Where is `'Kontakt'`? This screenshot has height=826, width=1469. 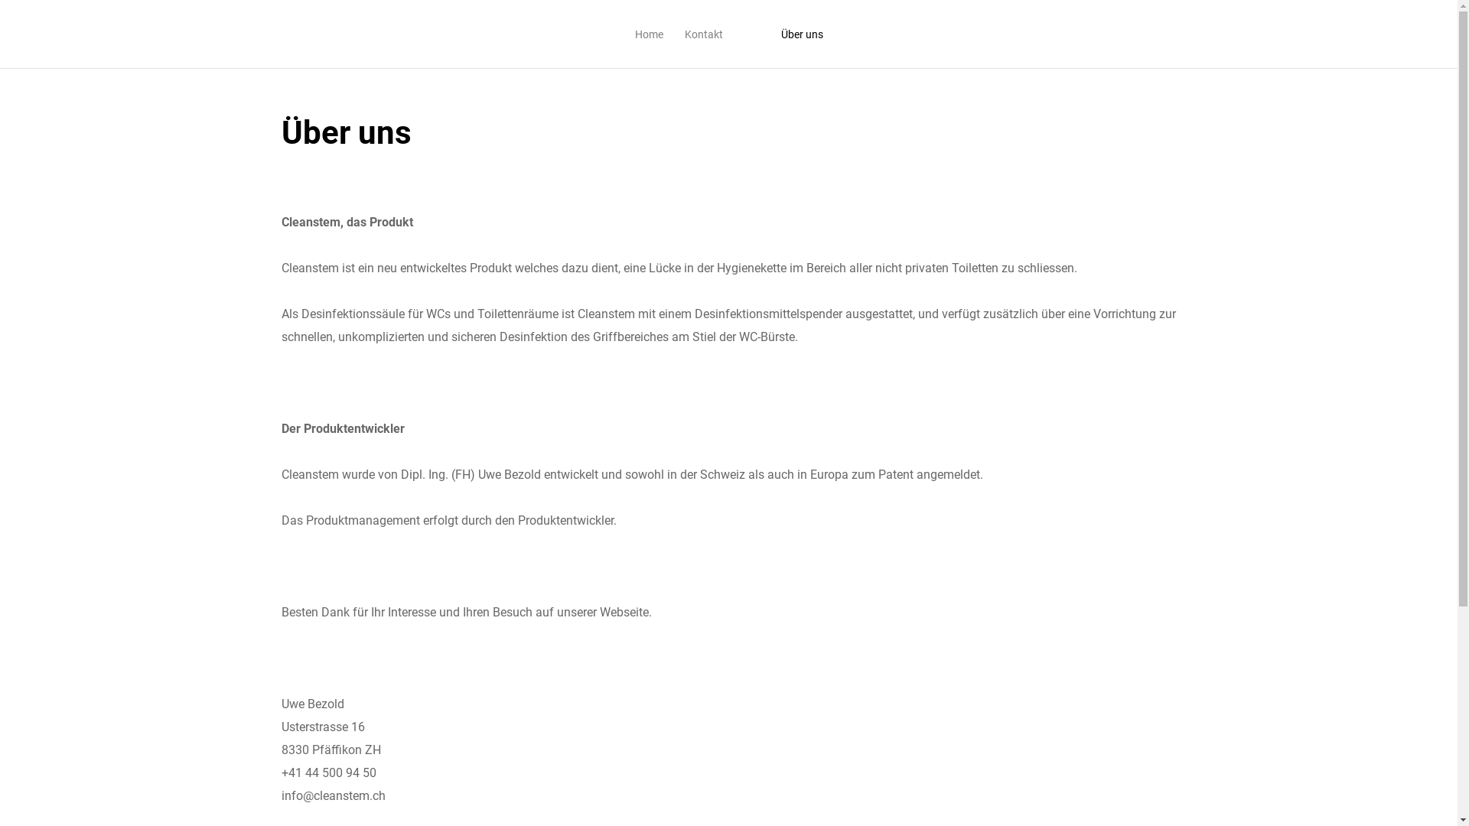 'Kontakt' is located at coordinates (702, 34).